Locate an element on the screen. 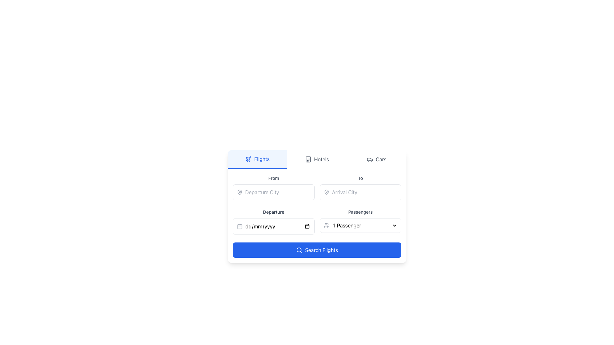 Image resolution: width=614 pixels, height=345 pixels. the central icon in the navigation bar that indicates the 'Hotels' section, located to the left of the 'Hotels' text is located at coordinates (308, 159).